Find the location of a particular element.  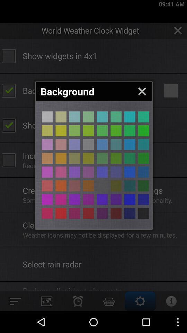

backround color is located at coordinates (88, 172).